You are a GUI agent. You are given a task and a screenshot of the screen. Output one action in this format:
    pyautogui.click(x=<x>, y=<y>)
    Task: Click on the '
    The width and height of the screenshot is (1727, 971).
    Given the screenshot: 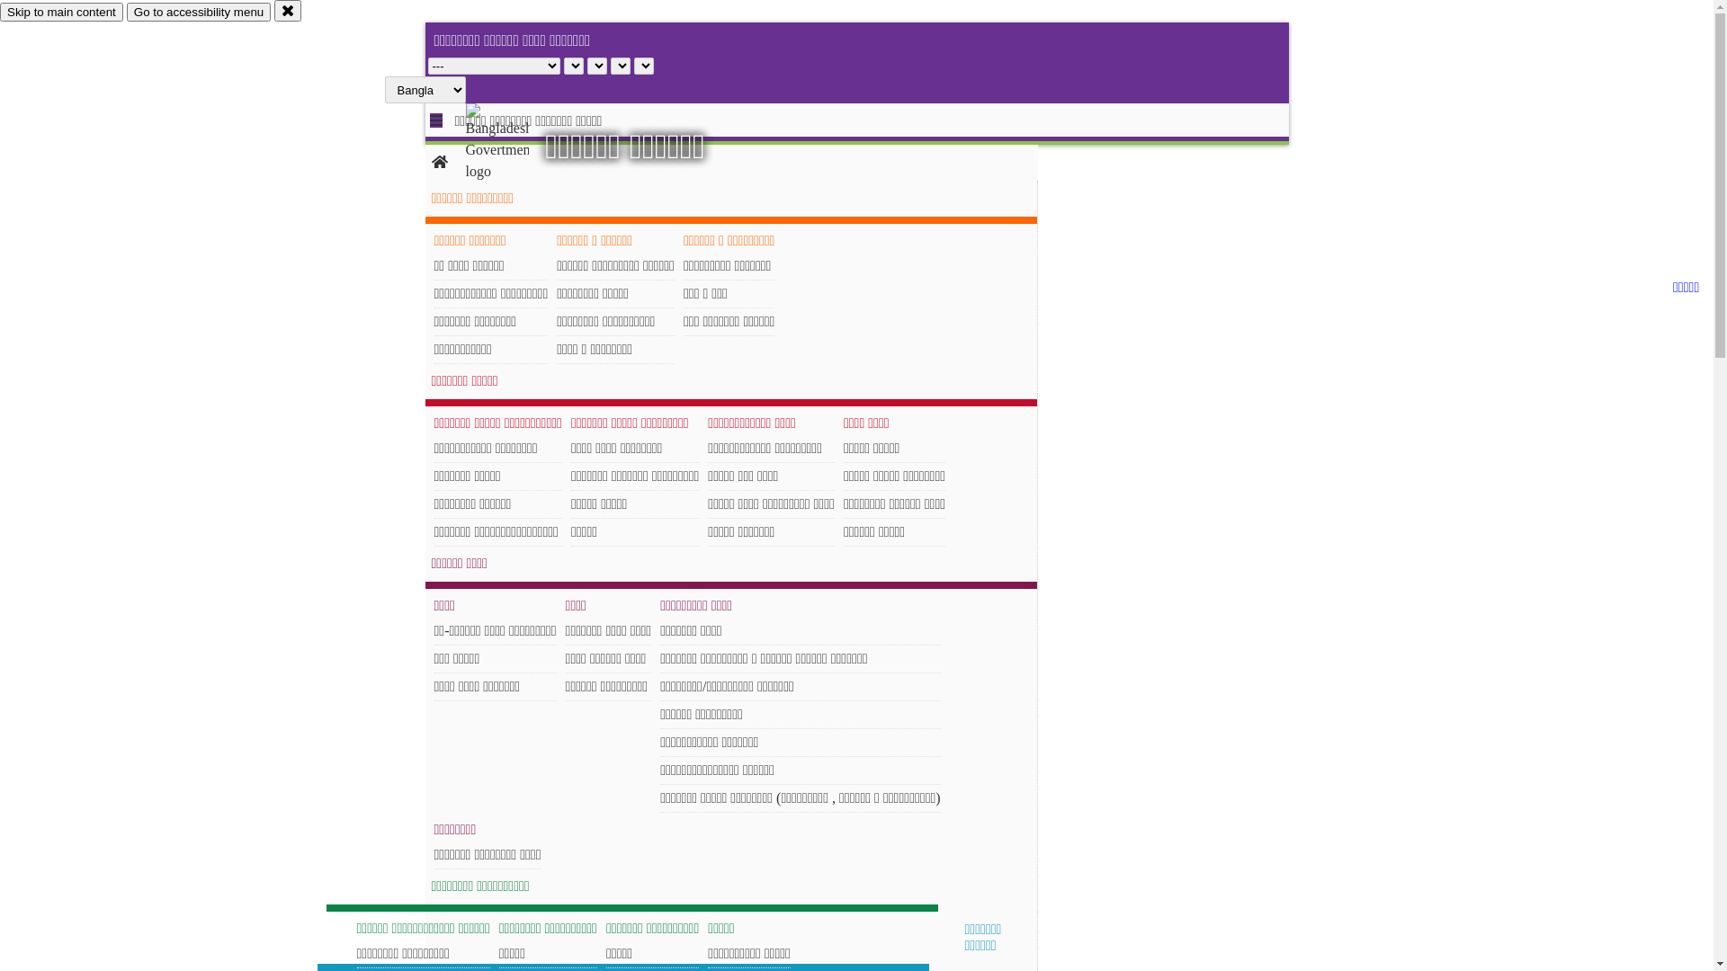 What is the action you would take?
    pyautogui.click(x=512, y=141)
    